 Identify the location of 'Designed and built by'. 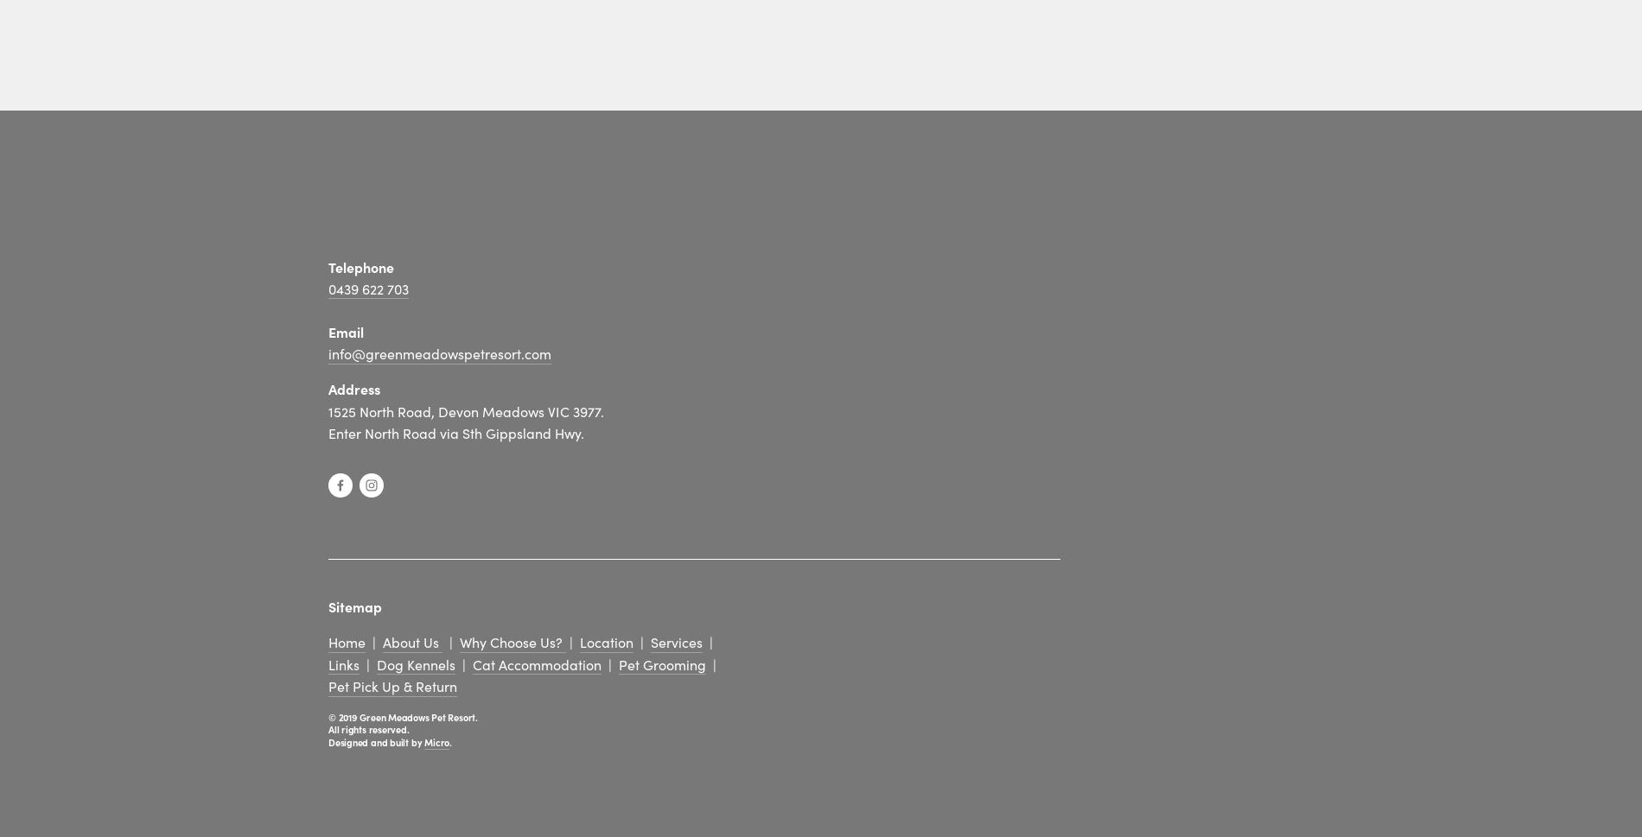
(375, 739).